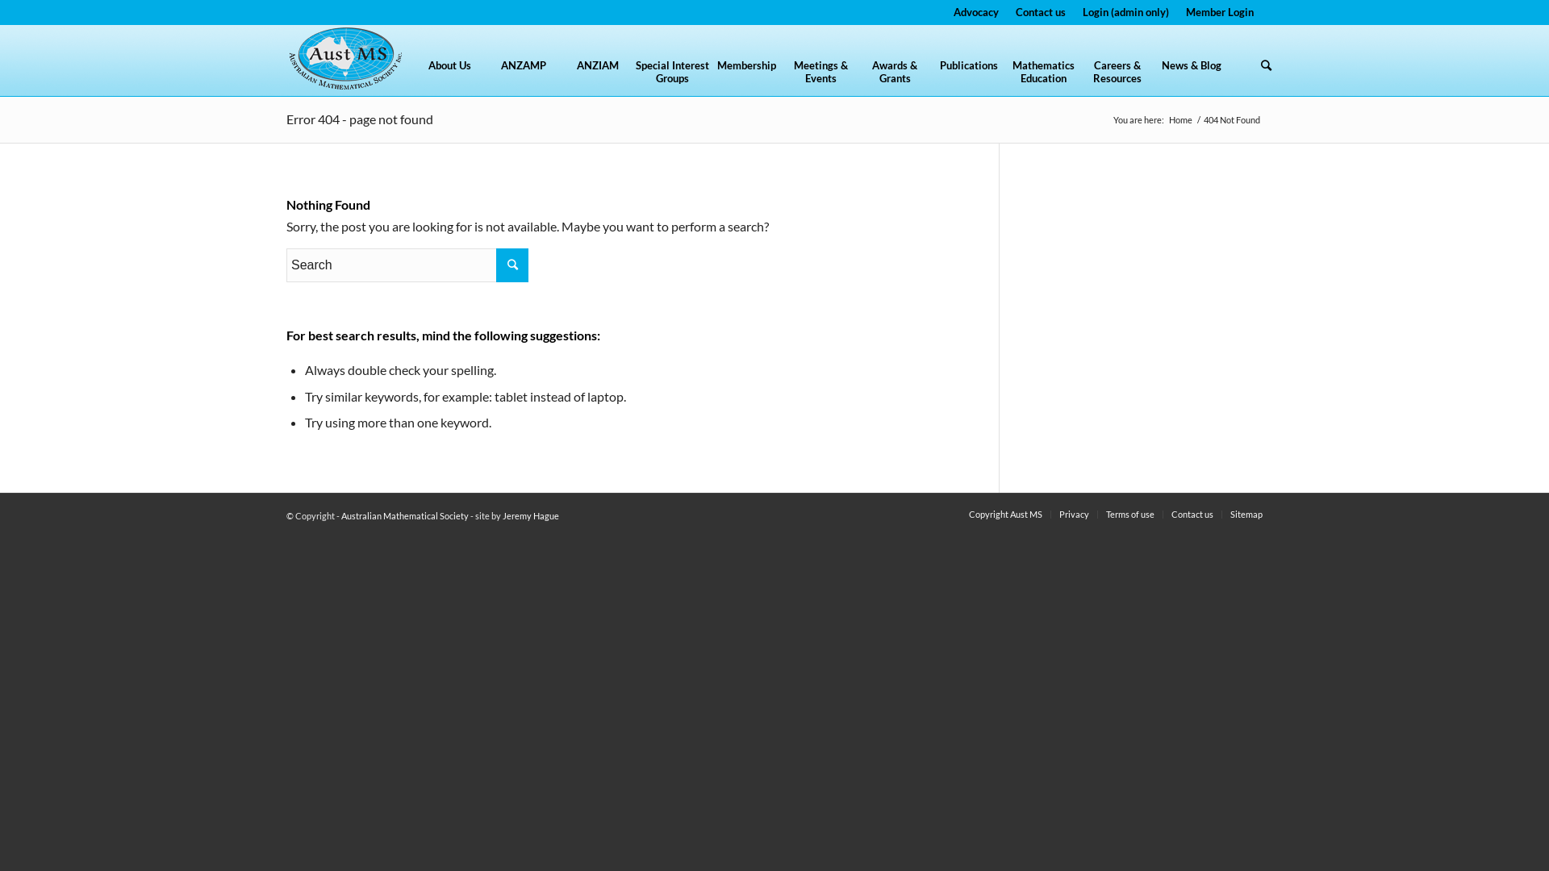 This screenshot has width=1549, height=871. What do you see at coordinates (745, 77) in the screenshot?
I see `'Membership'` at bounding box center [745, 77].